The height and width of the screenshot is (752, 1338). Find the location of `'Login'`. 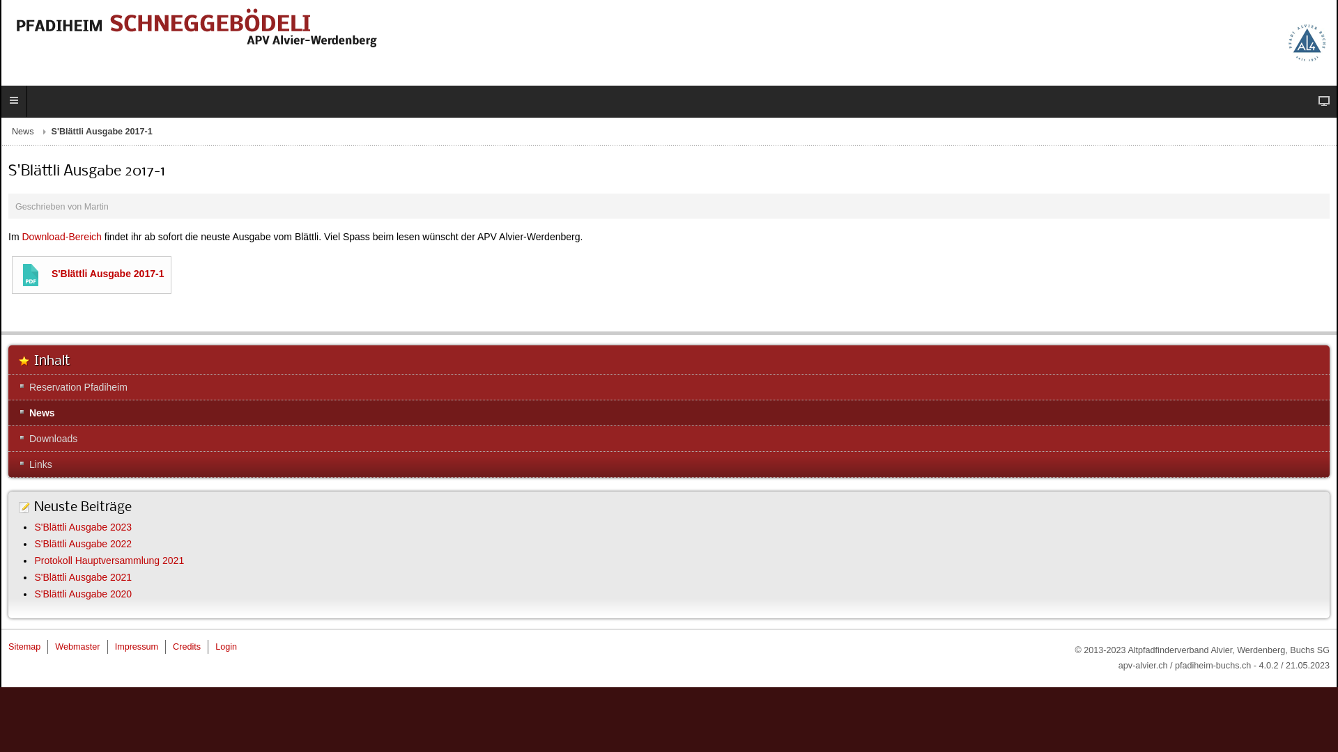

'Login' is located at coordinates (226, 647).